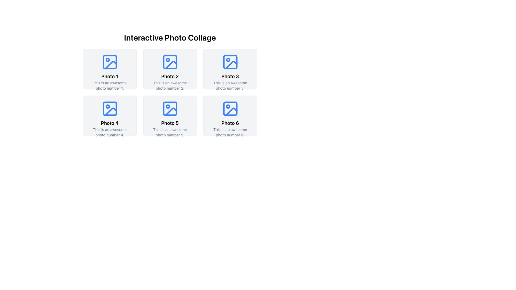 This screenshot has height=290, width=516. I want to click on text block labeled 'Photo 3', which is prominently displayed in bold font at the top of the third card in the first row of a grid layout, so click(230, 77).